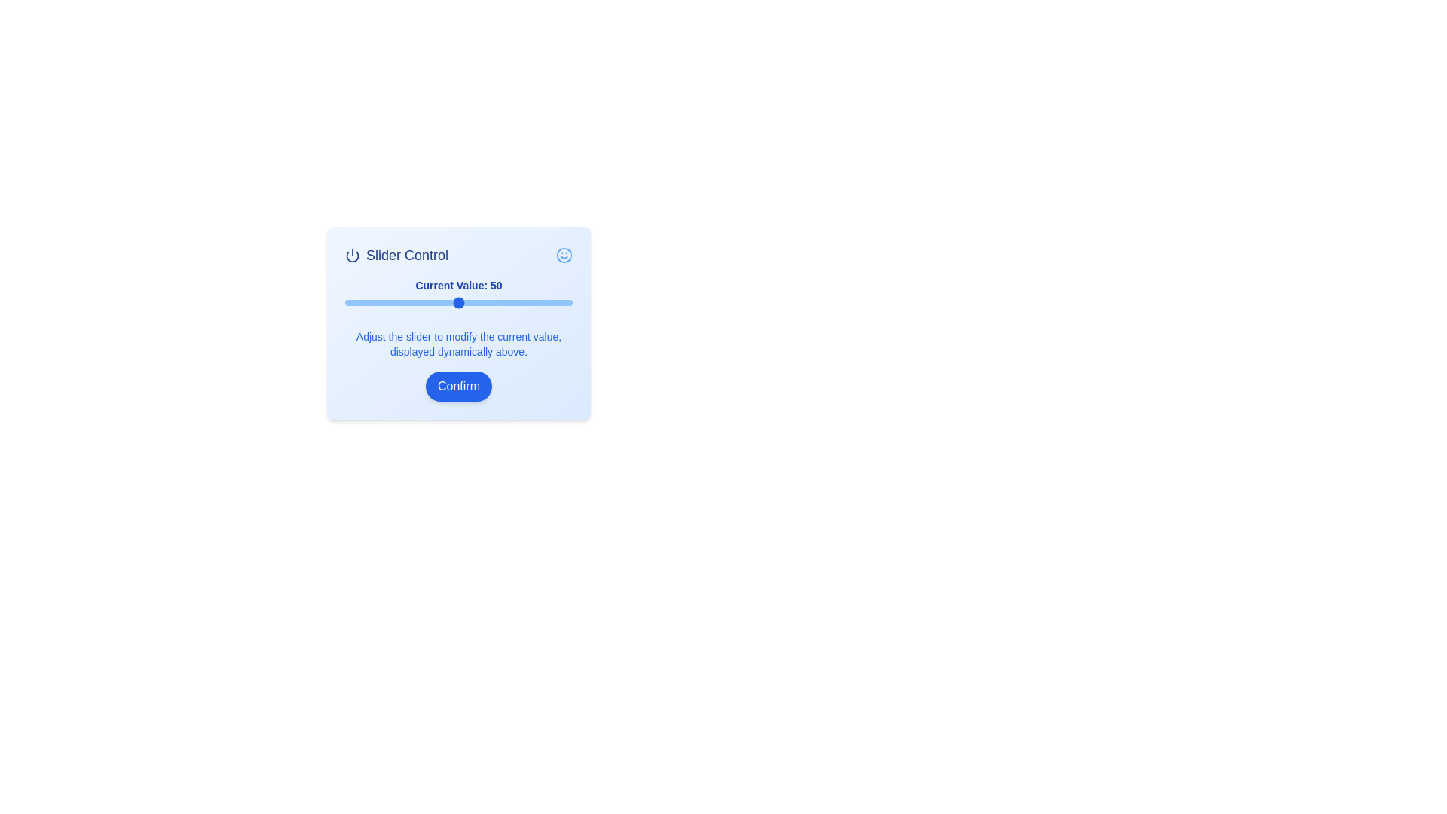 This screenshot has width=1447, height=814. Describe the element at coordinates (560, 302) in the screenshot. I see `the slider value` at that location.